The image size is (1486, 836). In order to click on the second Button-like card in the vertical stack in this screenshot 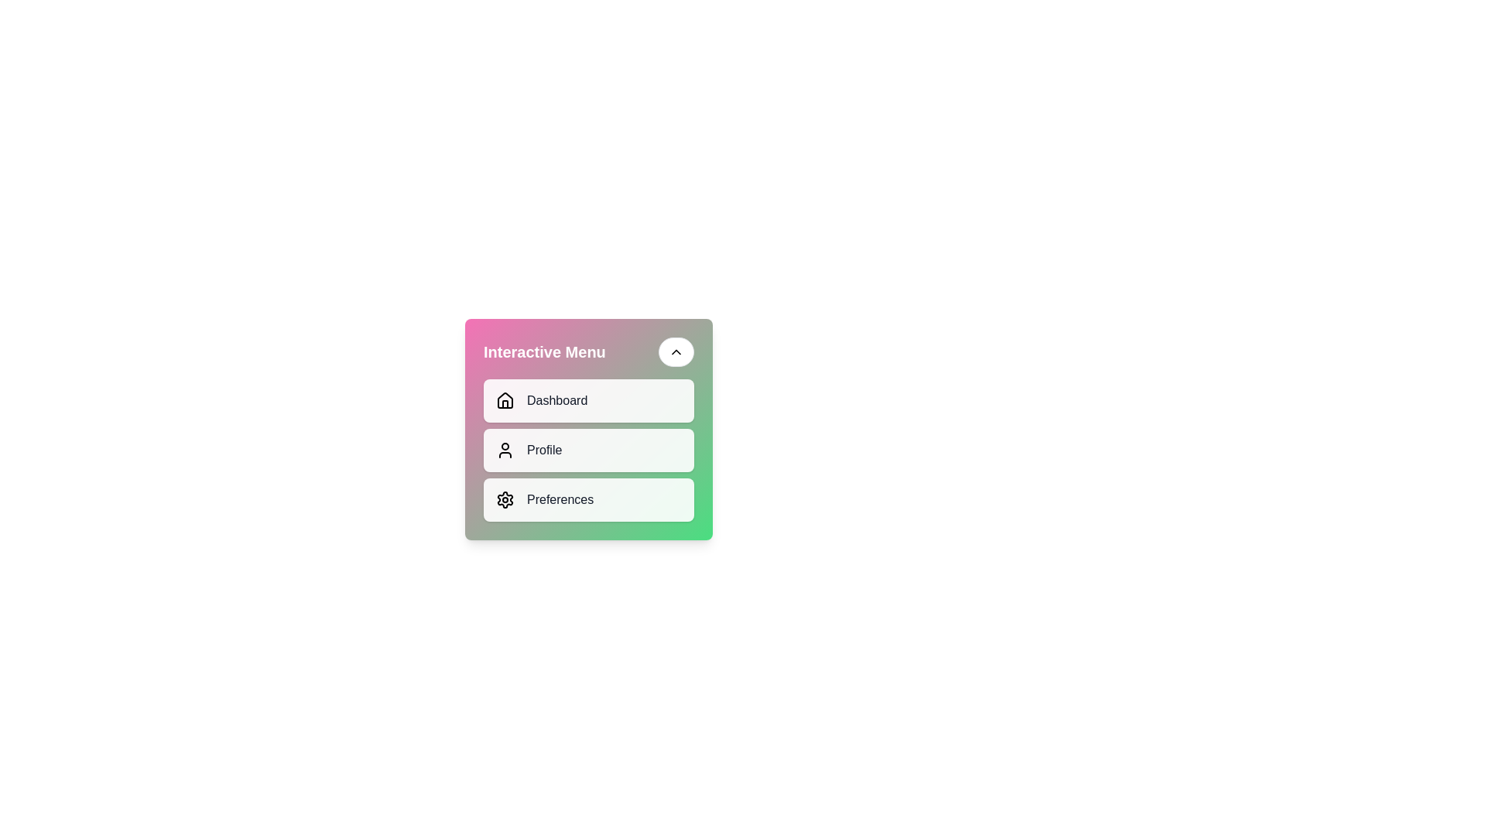, I will do `click(588, 451)`.